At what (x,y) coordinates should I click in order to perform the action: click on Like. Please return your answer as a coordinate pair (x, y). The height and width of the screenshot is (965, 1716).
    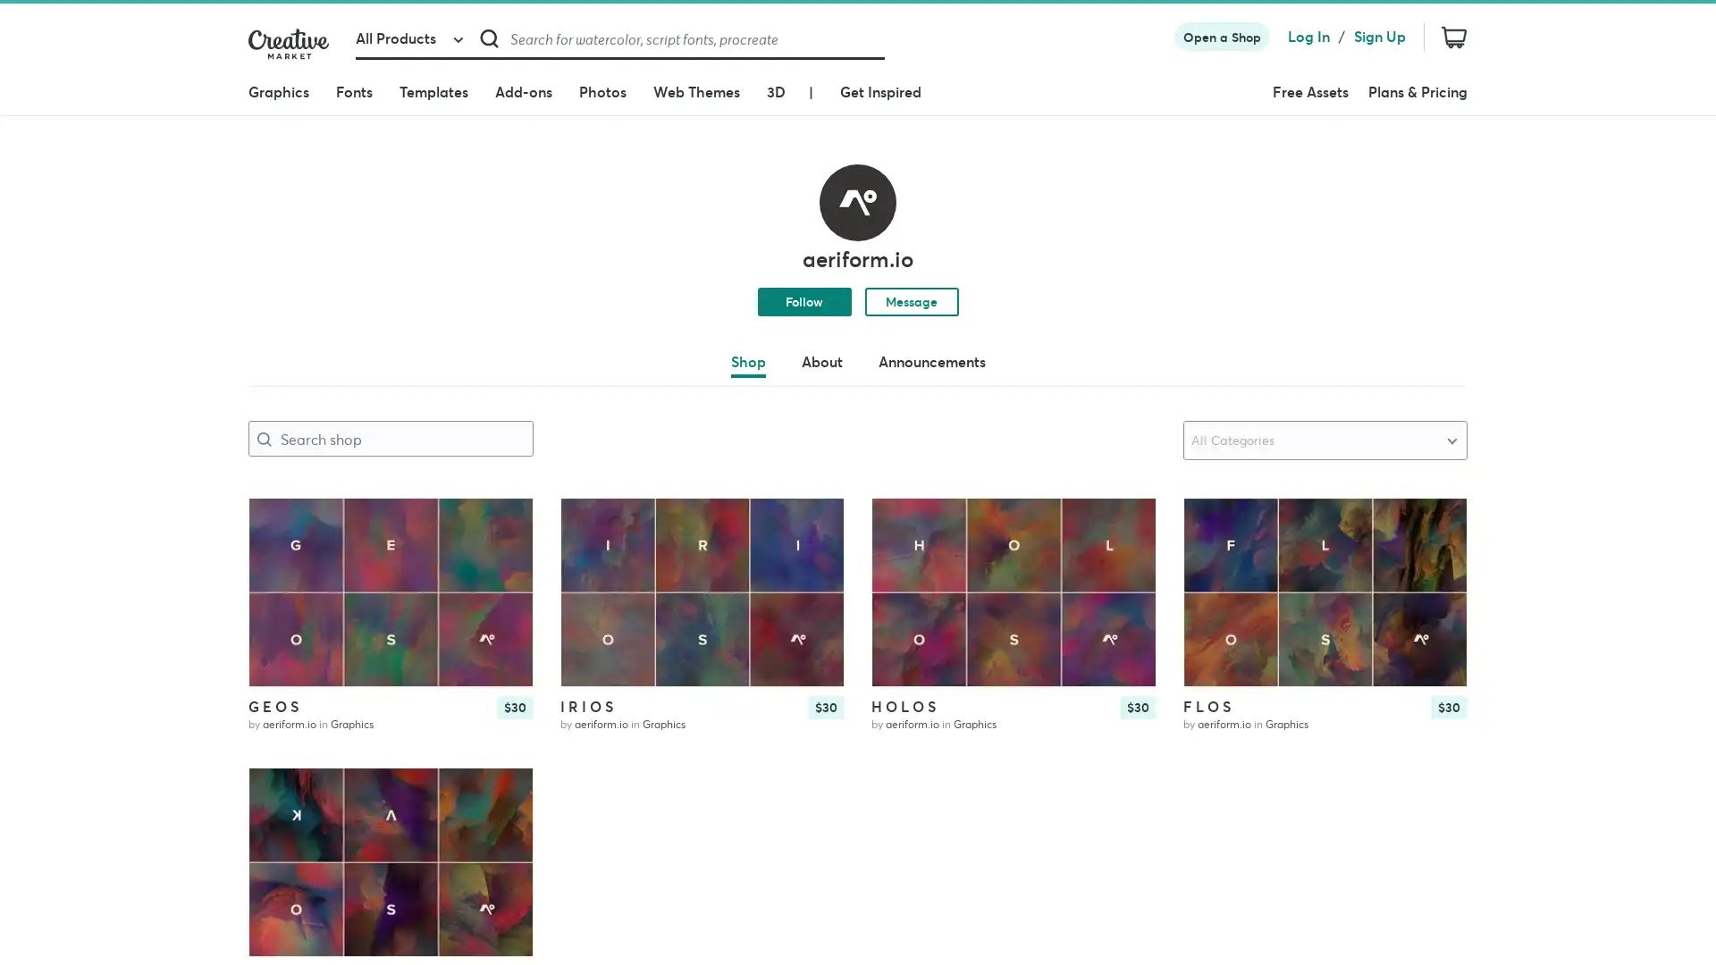
    Looking at the image, I should click on (1438, 524).